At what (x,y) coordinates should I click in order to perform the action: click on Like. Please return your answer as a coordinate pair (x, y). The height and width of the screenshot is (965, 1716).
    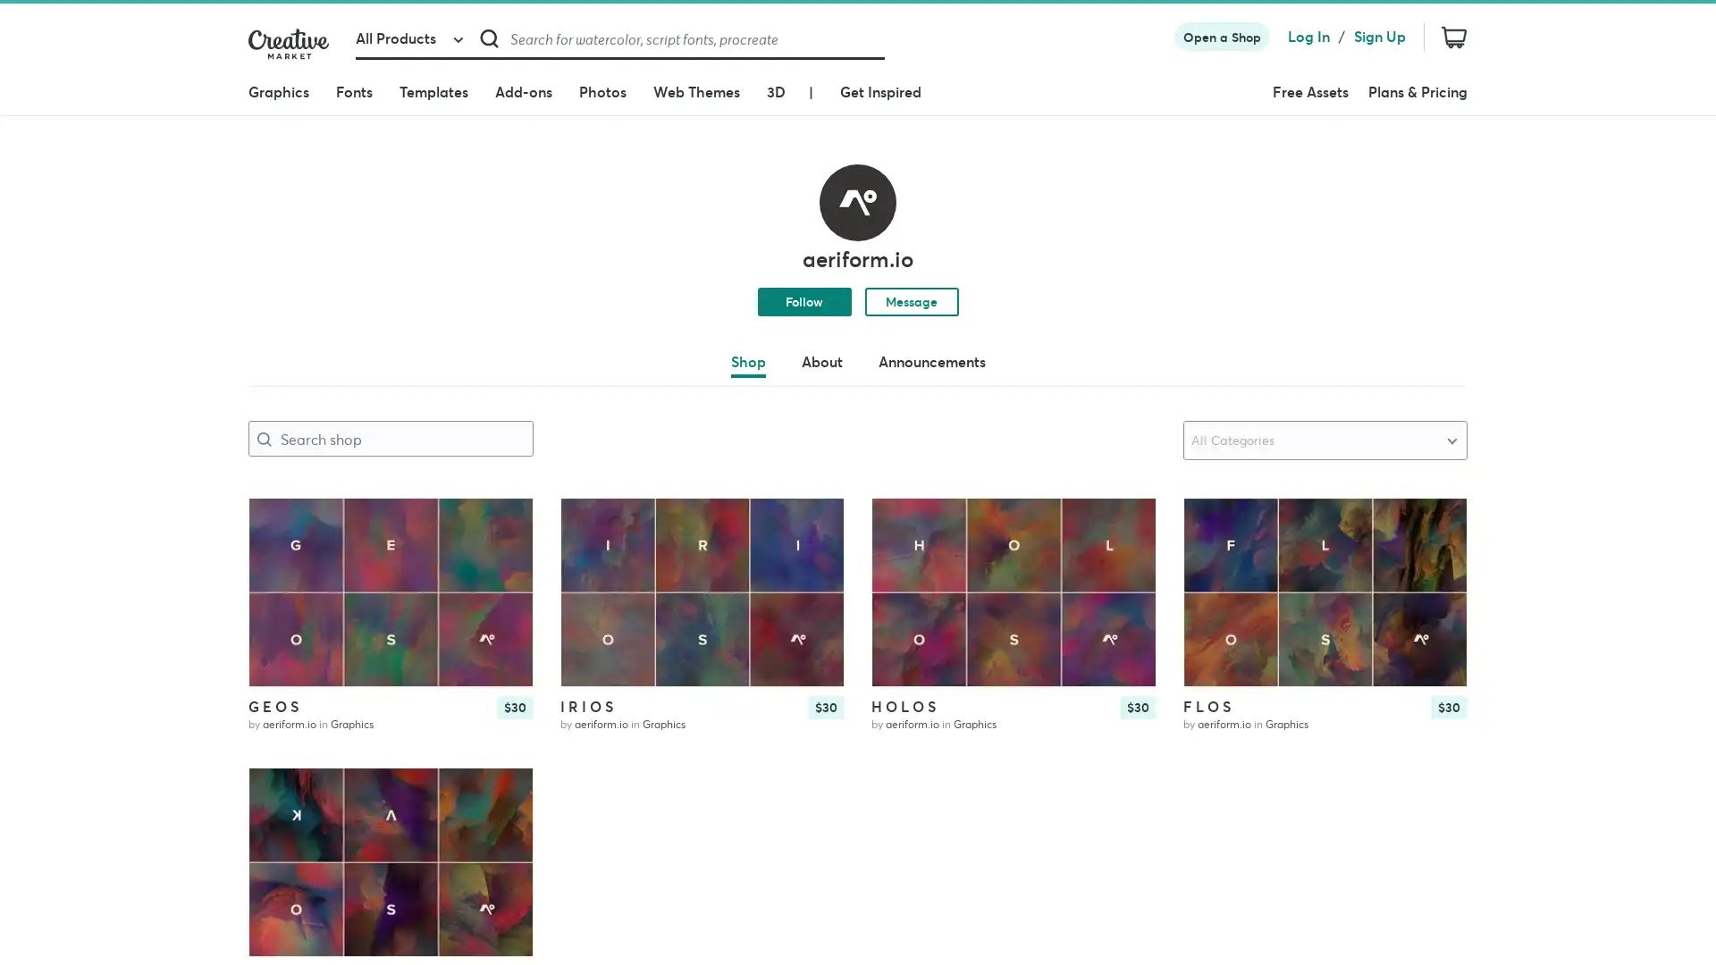
    Looking at the image, I should click on (1438, 524).